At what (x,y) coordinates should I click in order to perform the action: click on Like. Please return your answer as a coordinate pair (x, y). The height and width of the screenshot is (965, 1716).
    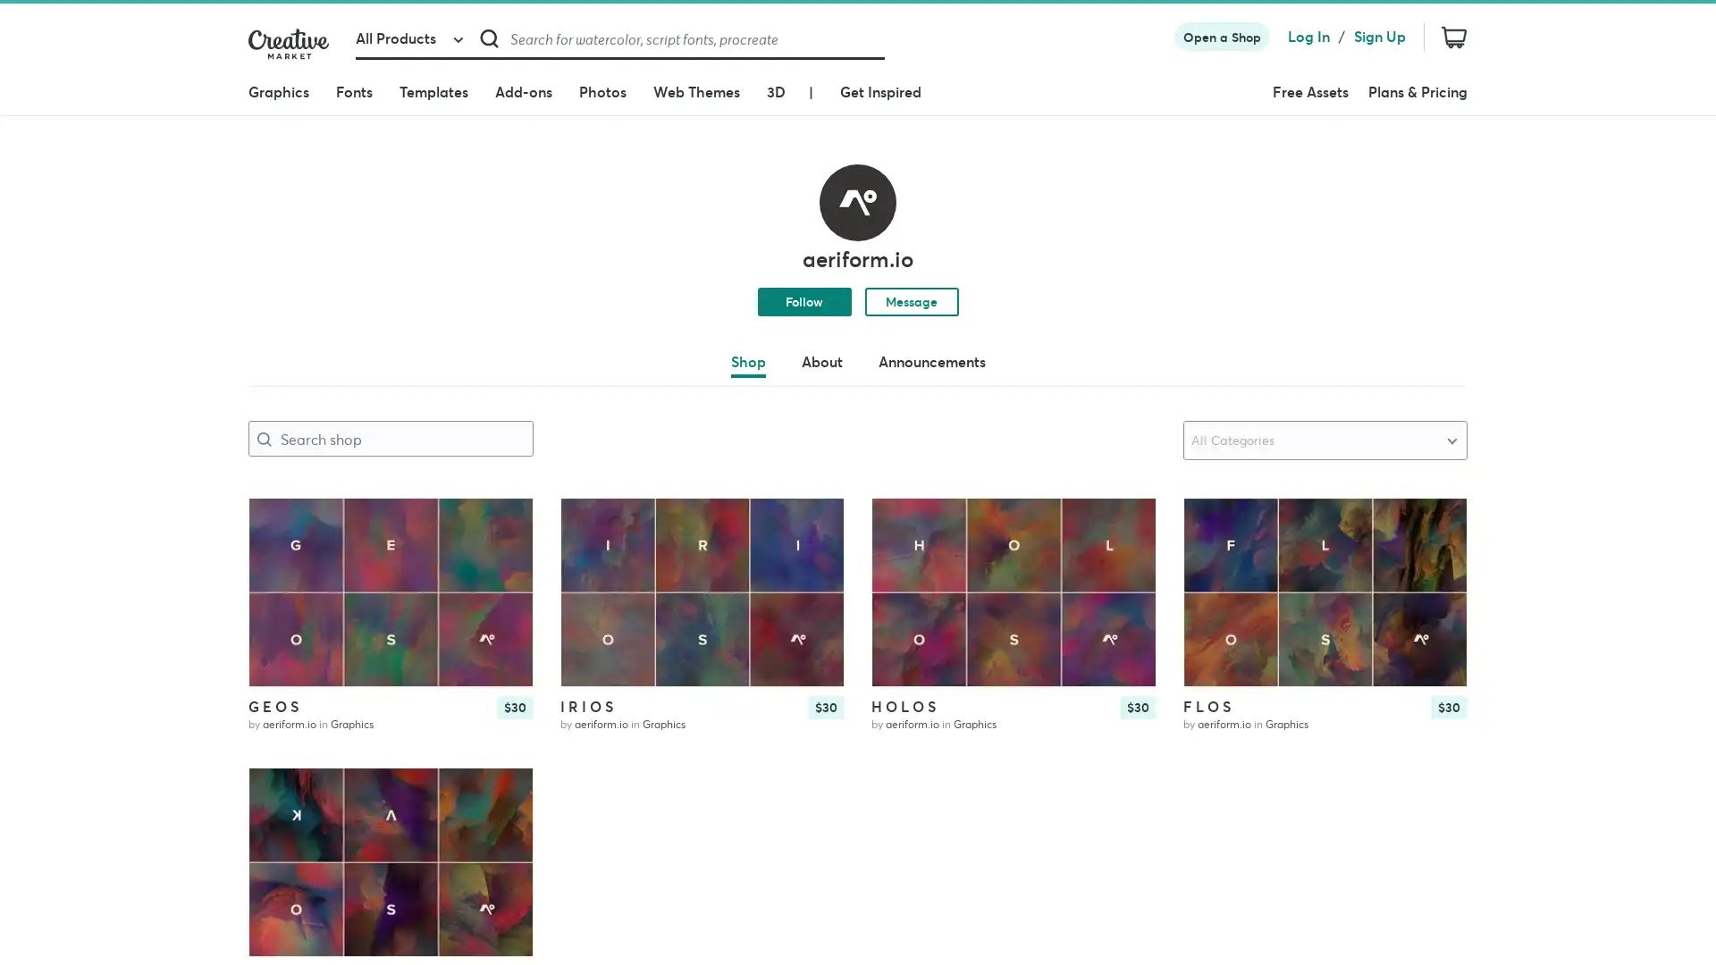
    Looking at the image, I should click on (1438, 524).